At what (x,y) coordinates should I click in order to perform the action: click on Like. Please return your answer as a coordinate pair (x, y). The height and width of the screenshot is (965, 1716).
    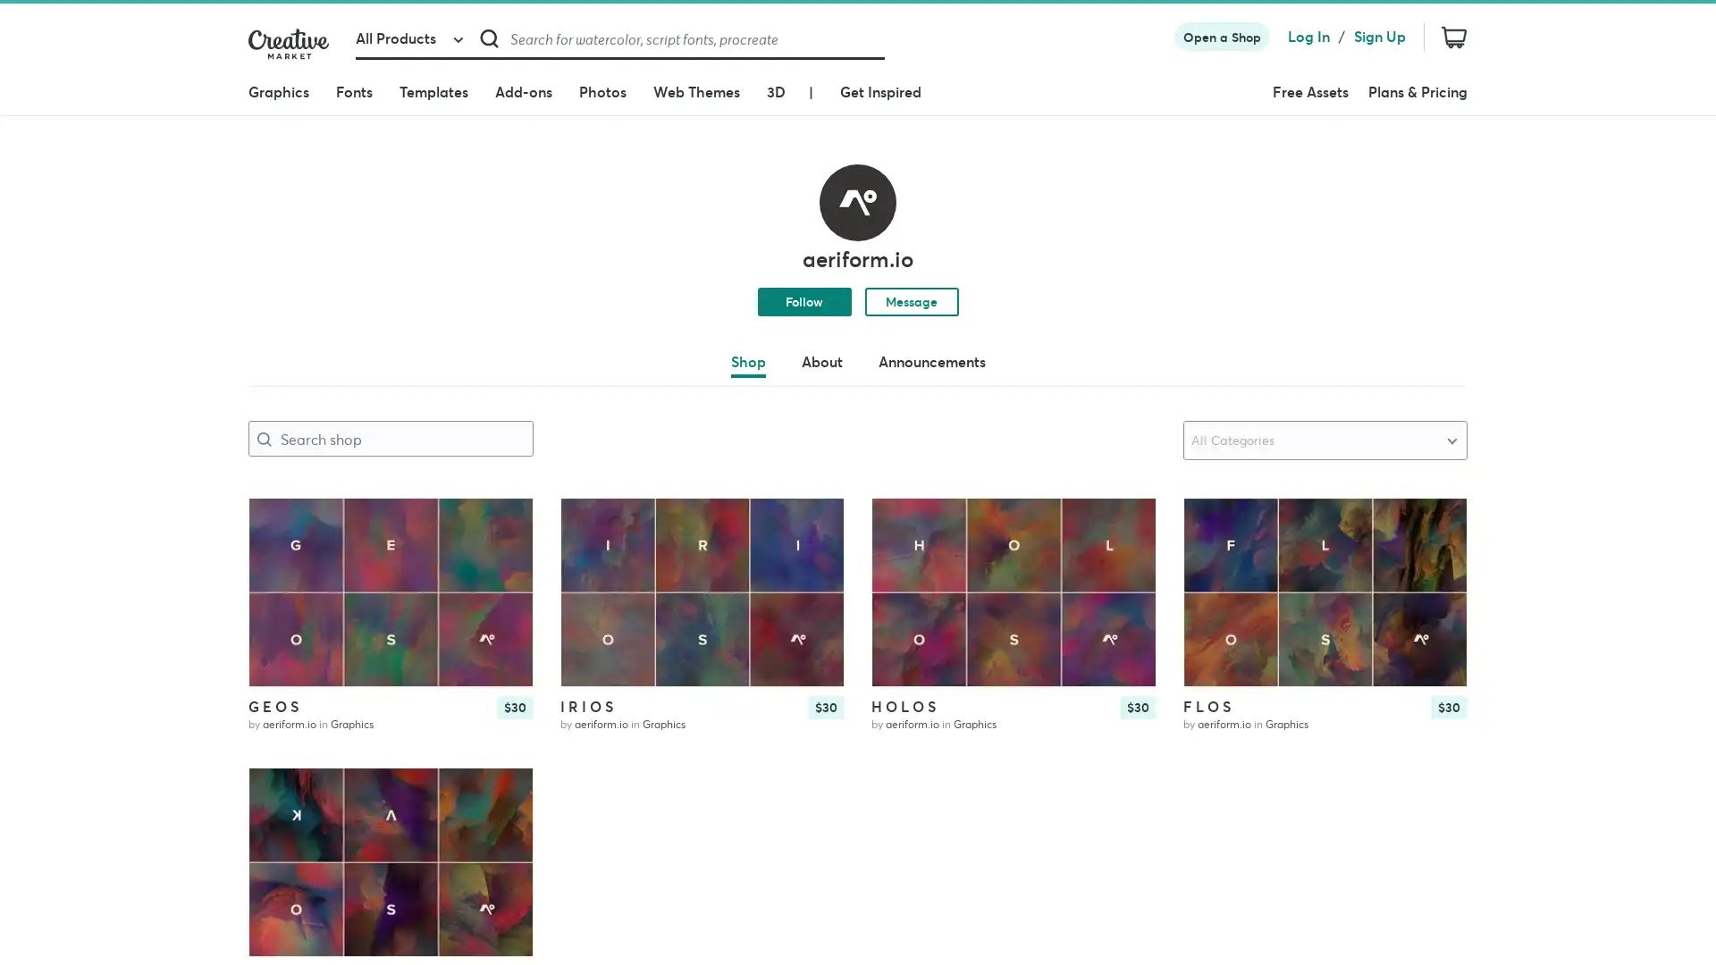
    Looking at the image, I should click on (1438, 524).